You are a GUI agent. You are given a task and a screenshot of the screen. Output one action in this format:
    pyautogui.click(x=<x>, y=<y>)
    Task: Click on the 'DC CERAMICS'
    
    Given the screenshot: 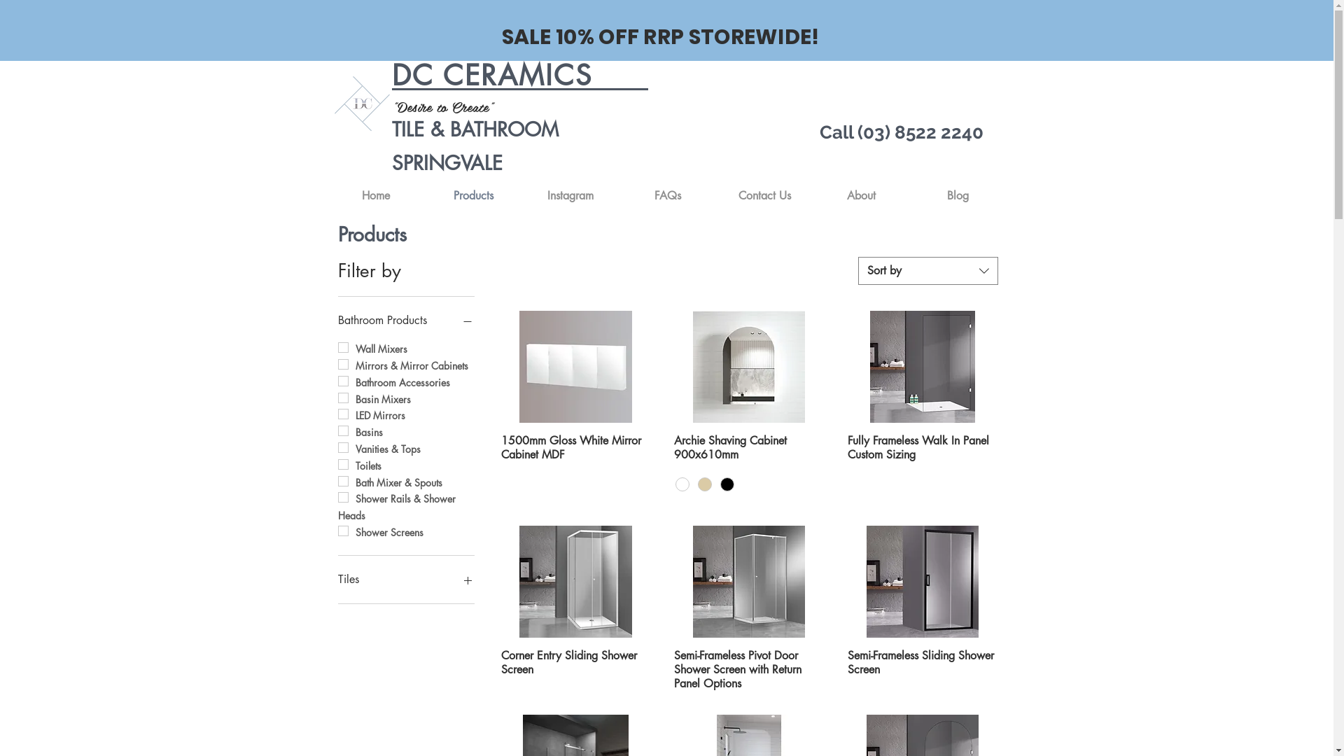 What is the action you would take?
    pyautogui.click(x=491, y=76)
    